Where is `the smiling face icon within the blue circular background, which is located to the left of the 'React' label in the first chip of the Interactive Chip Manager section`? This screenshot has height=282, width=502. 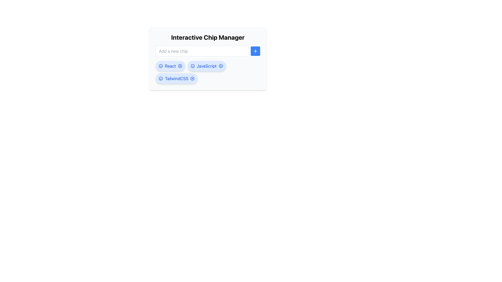 the smiling face icon within the blue circular background, which is located to the left of the 'React' label in the first chip of the Interactive Chip Manager section is located at coordinates (160, 66).